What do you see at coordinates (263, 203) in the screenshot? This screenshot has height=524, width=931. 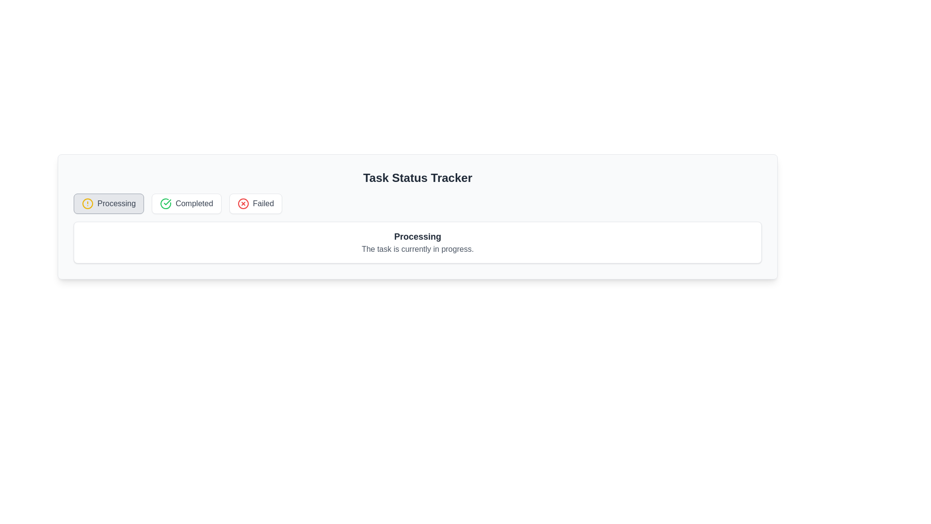 I see `status information displayed in the textual label that says 'Failed', which is located to the far right of other status options and adjacent to a red circular icon with an 'x' symbol` at bounding box center [263, 203].